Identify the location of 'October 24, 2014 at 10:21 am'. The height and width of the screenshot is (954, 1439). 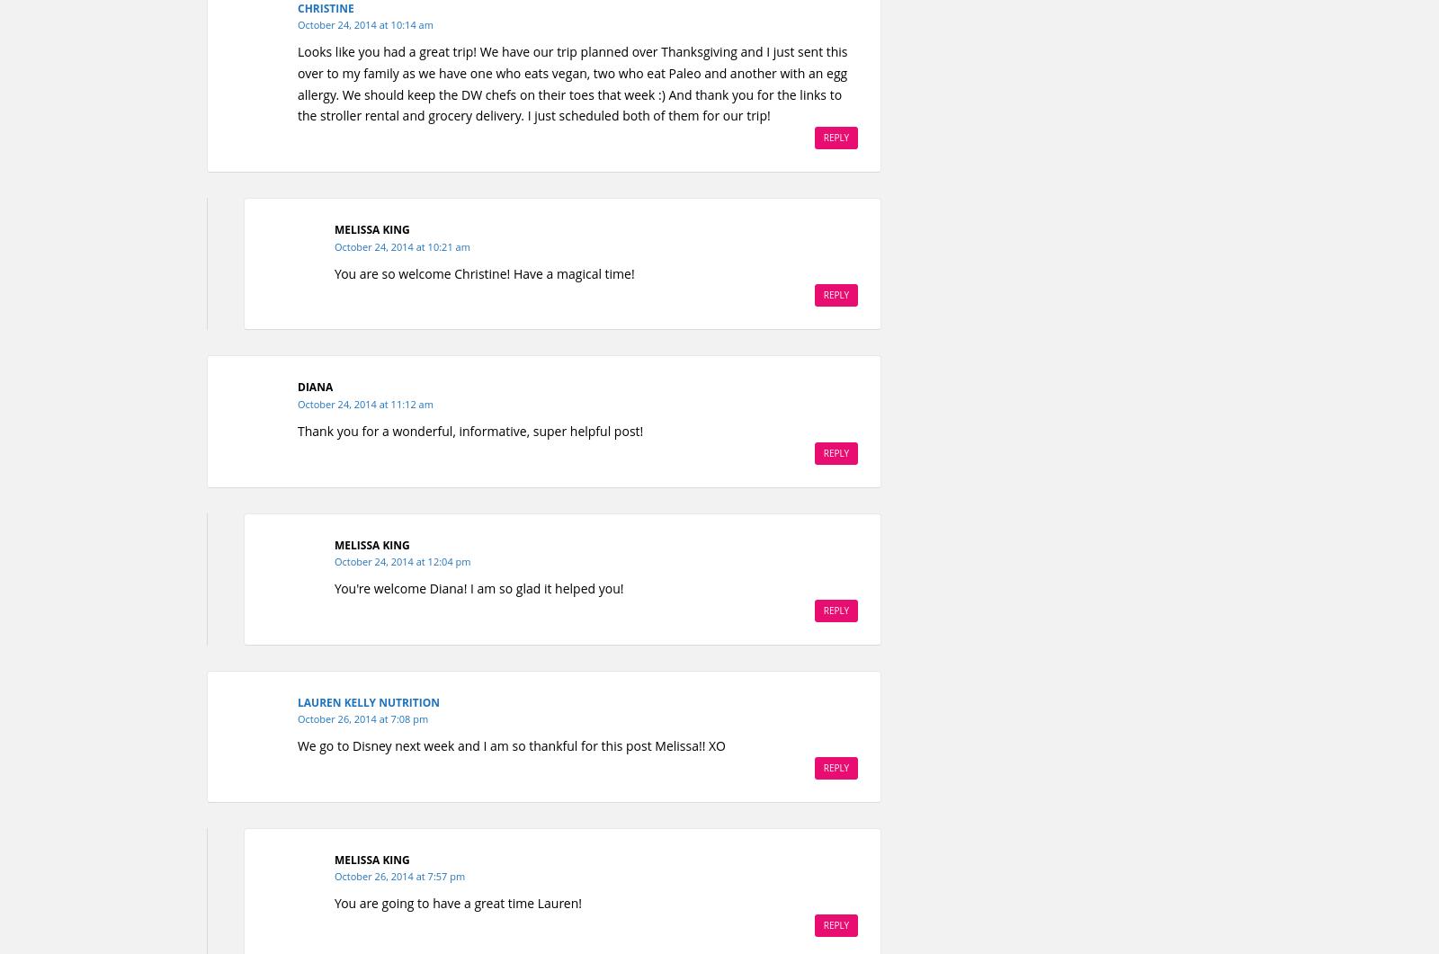
(401, 245).